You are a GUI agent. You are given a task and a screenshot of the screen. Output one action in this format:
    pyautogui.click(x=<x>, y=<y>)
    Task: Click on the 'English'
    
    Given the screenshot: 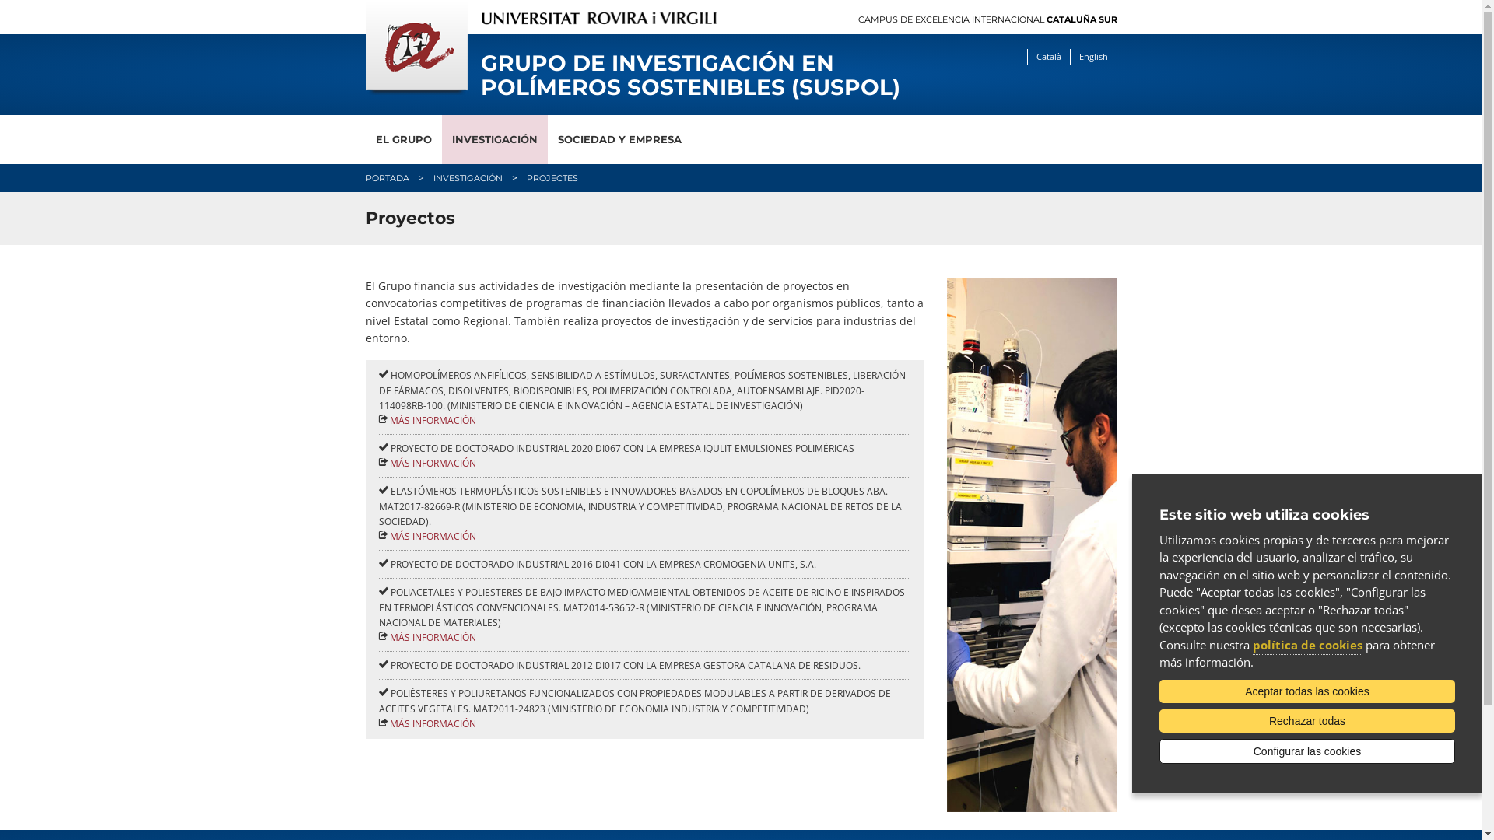 What is the action you would take?
    pyautogui.click(x=1092, y=56)
    